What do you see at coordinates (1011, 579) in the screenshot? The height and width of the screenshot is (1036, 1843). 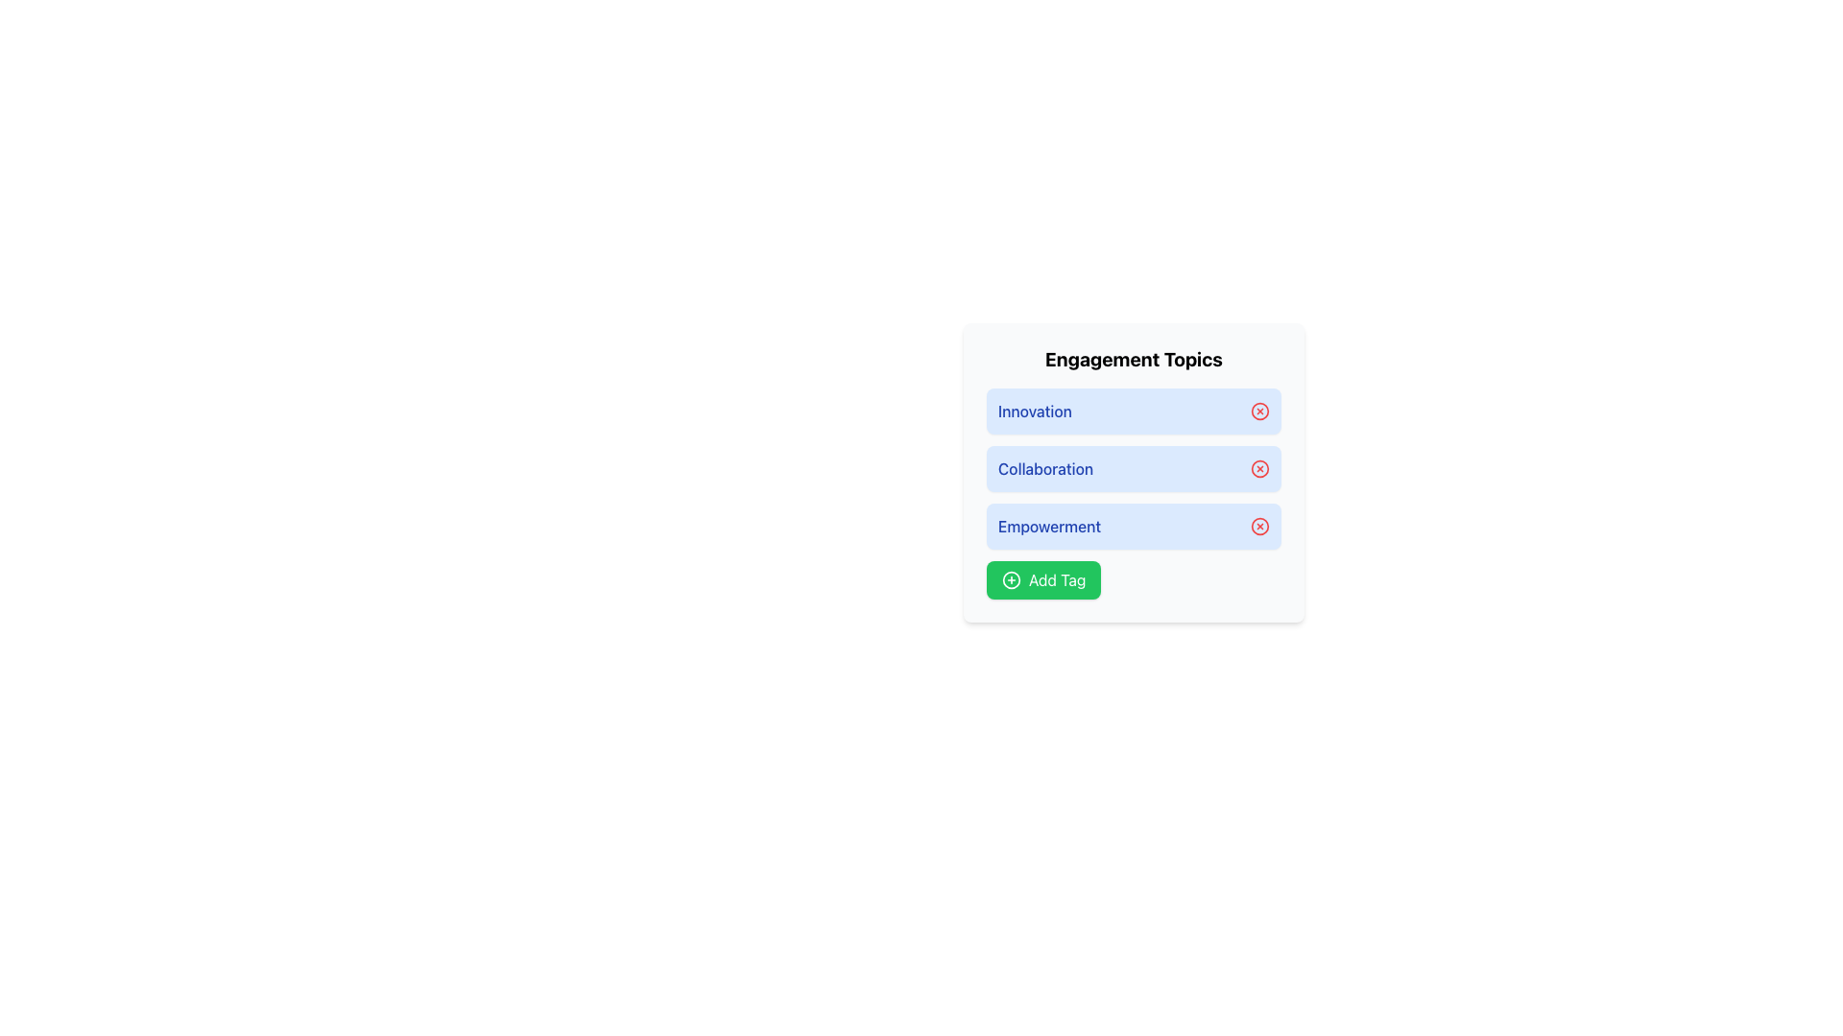 I see `the Circle Plus icon located on the green 'Add Tag' button` at bounding box center [1011, 579].